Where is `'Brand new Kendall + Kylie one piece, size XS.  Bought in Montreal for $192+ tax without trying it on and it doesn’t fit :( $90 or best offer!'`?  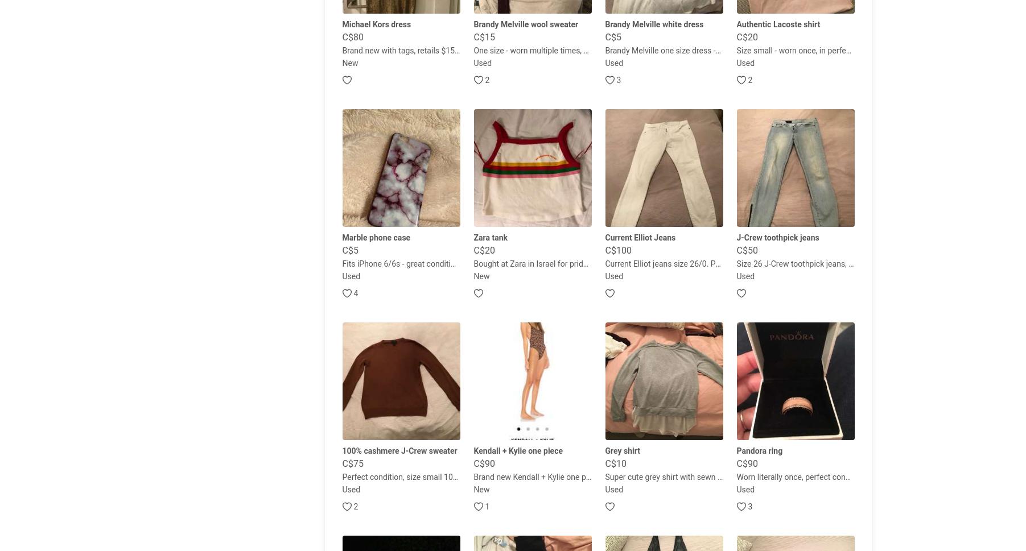
'Brand new Kendall + Kylie one piece, size XS.  Bought in Montreal for $192+ tax without trying it on and it doesn’t fit :( $90 or best offer!' is located at coordinates (473, 476).